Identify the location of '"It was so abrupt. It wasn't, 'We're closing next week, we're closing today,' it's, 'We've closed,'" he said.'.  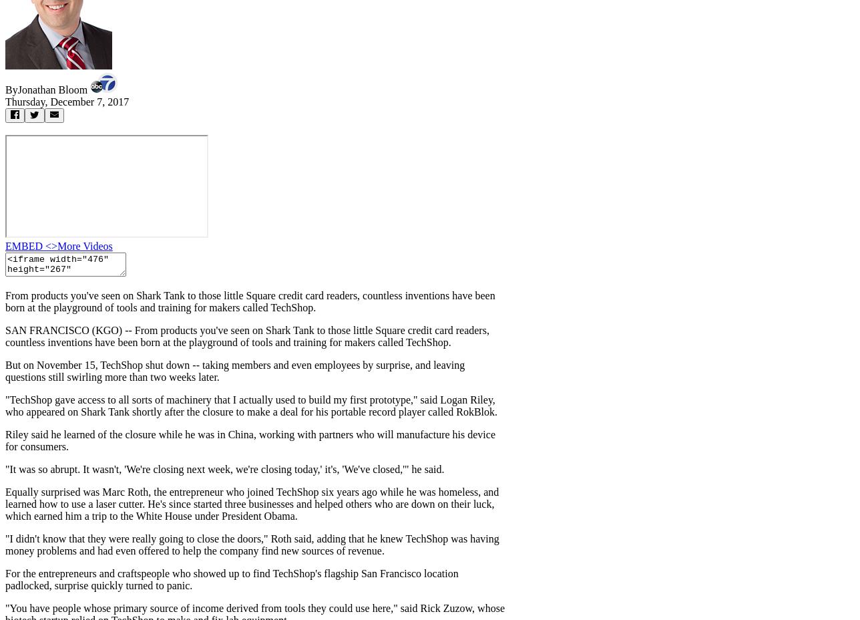
(224, 468).